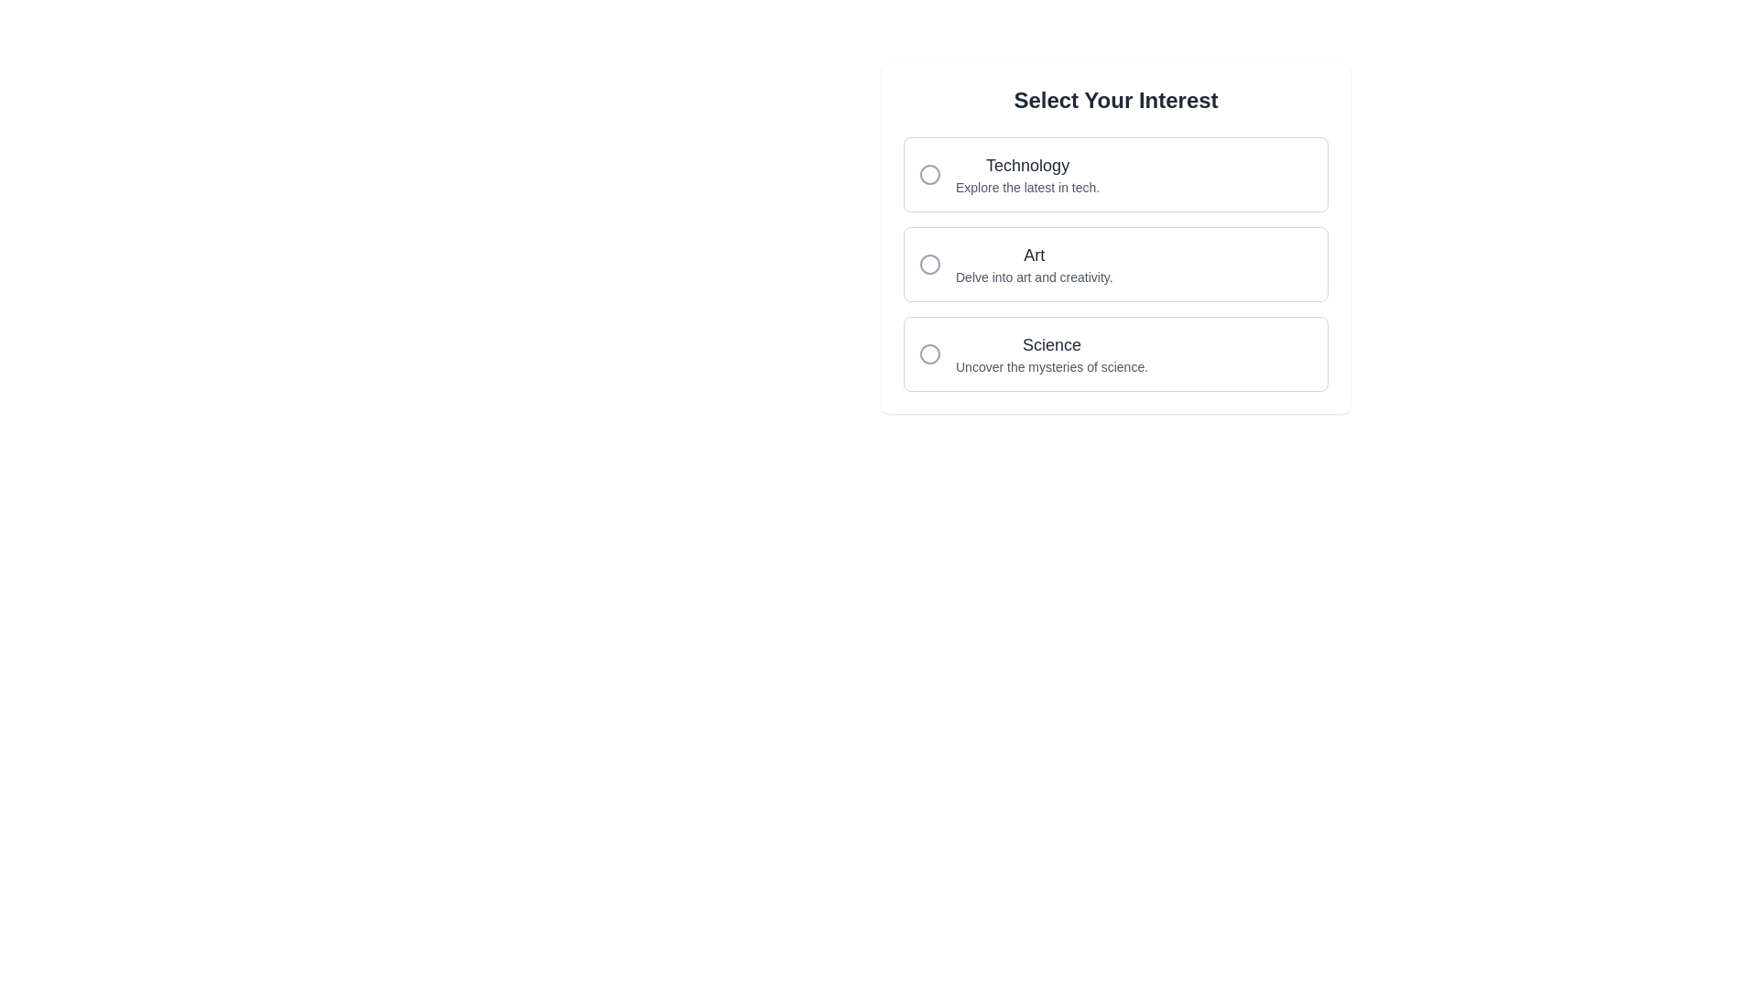 This screenshot has height=989, width=1758. I want to click on the circular radio button indicator for the 'Science' option, so click(930, 353).